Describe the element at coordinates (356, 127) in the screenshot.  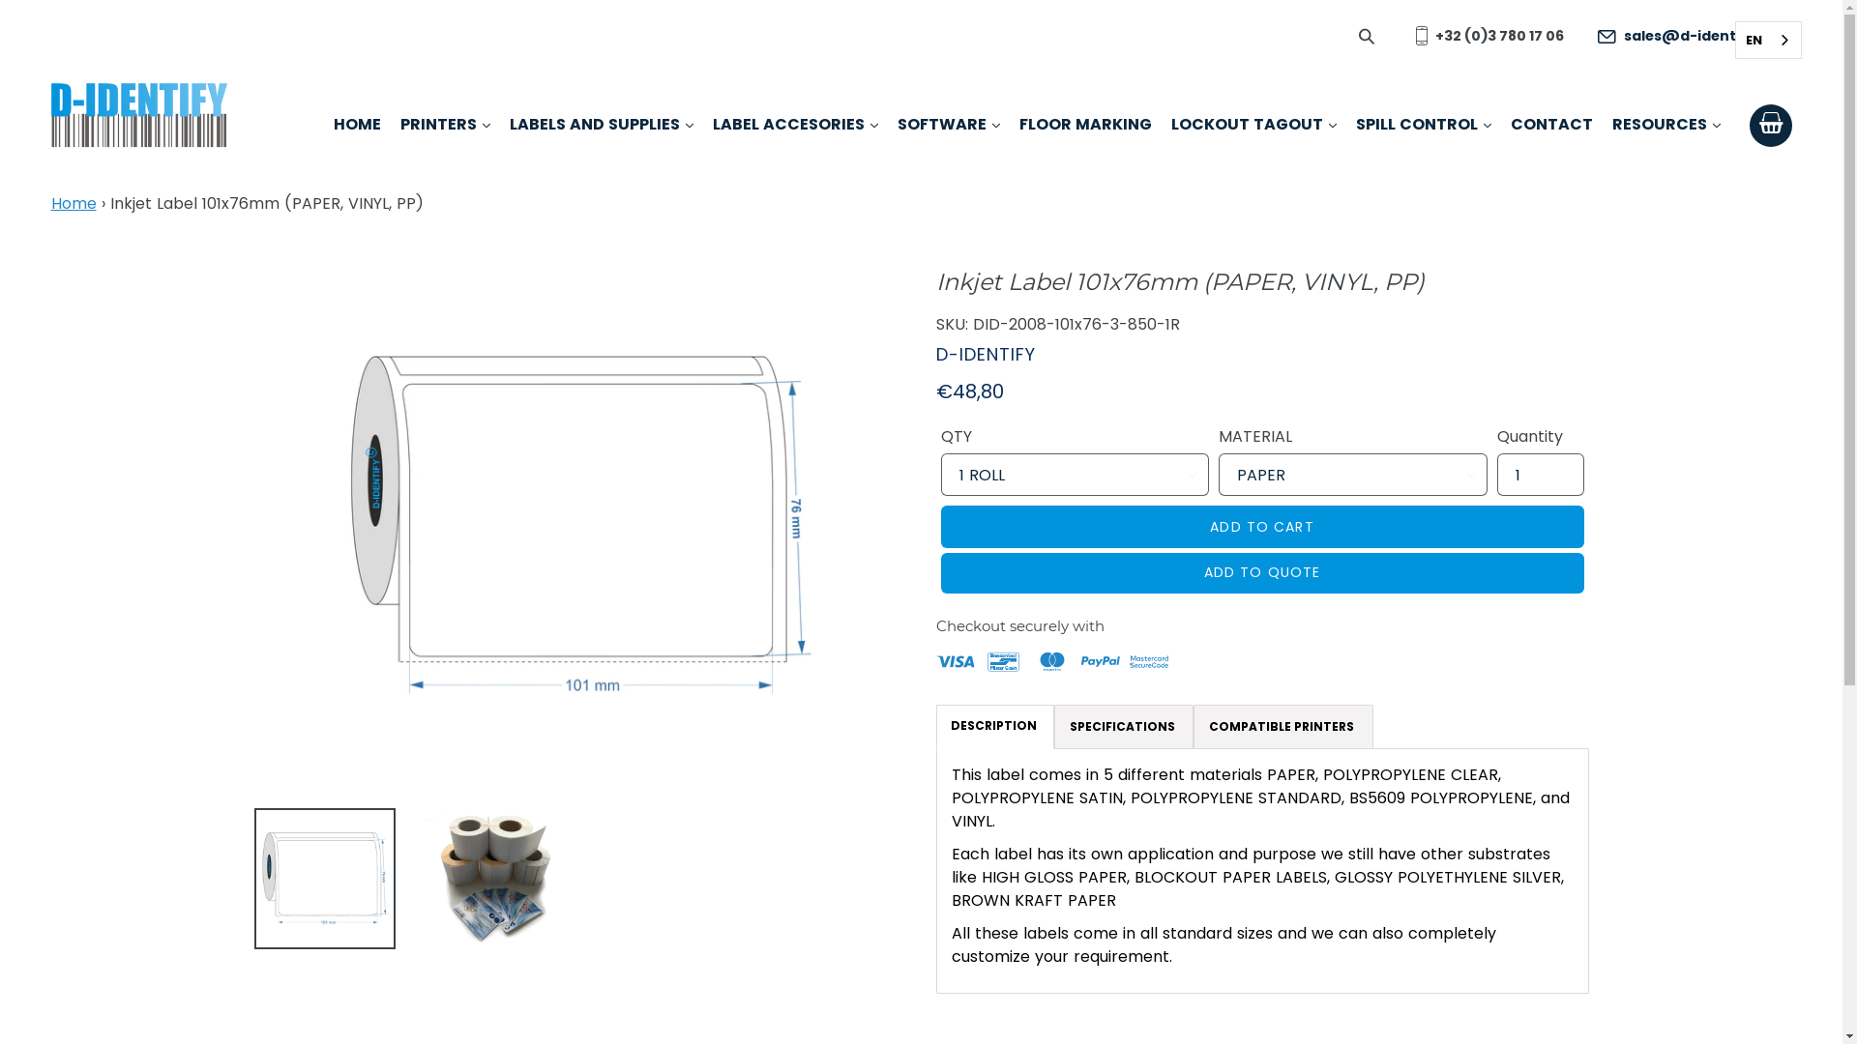
I see `'HOME'` at that location.